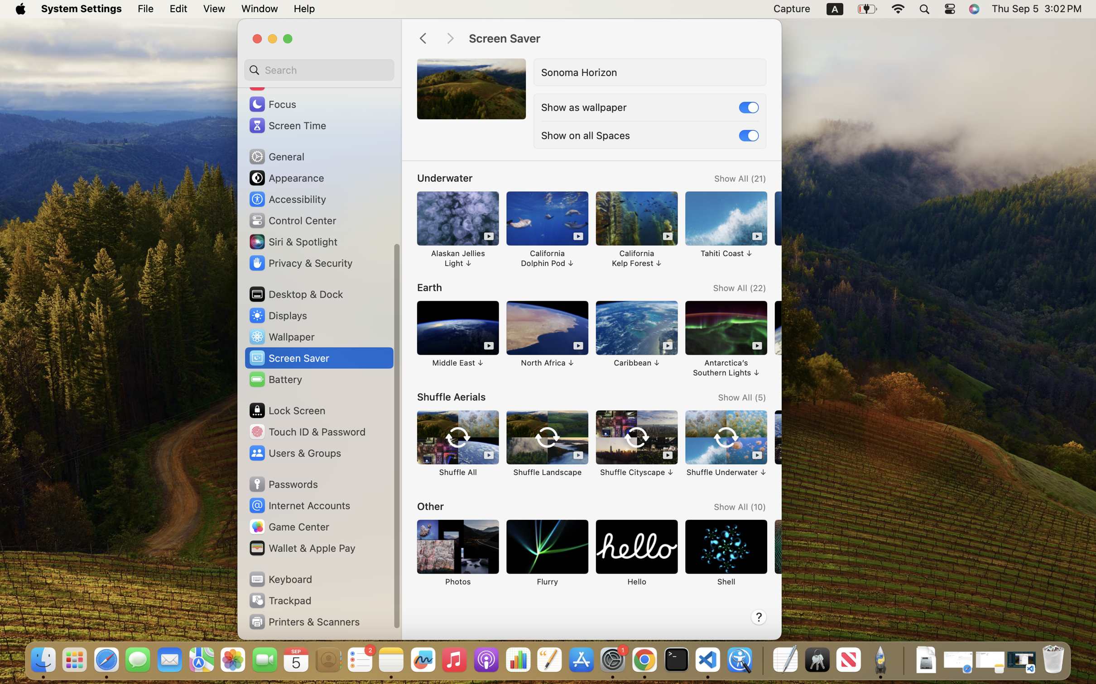  What do you see at coordinates (304, 621) in the screenshot?
I see `'Printers & Scanners'` at bounding box center [304, 621].